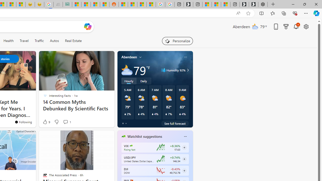 Image resolution: width=322 pixels, height=181 pixels. I want to click on 'Daily', so click(143, 80).